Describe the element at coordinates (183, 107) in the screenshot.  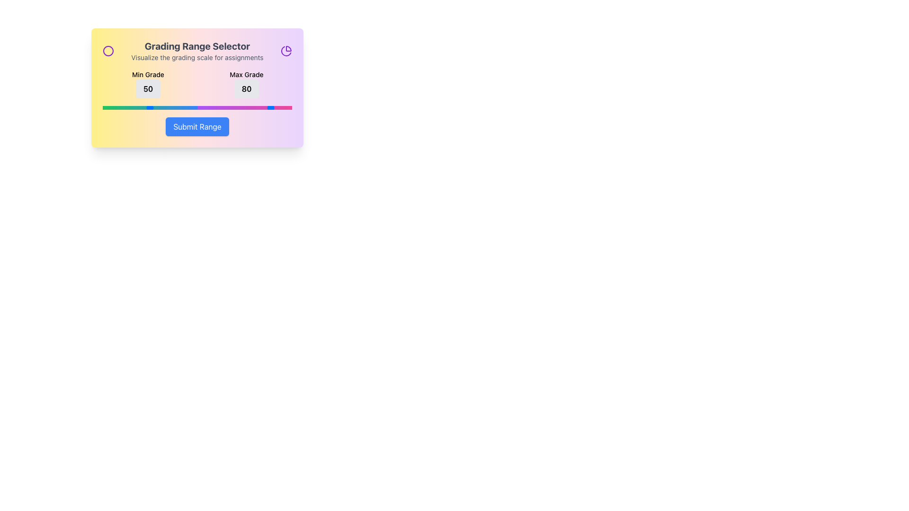
I see `the slider value` at that location.